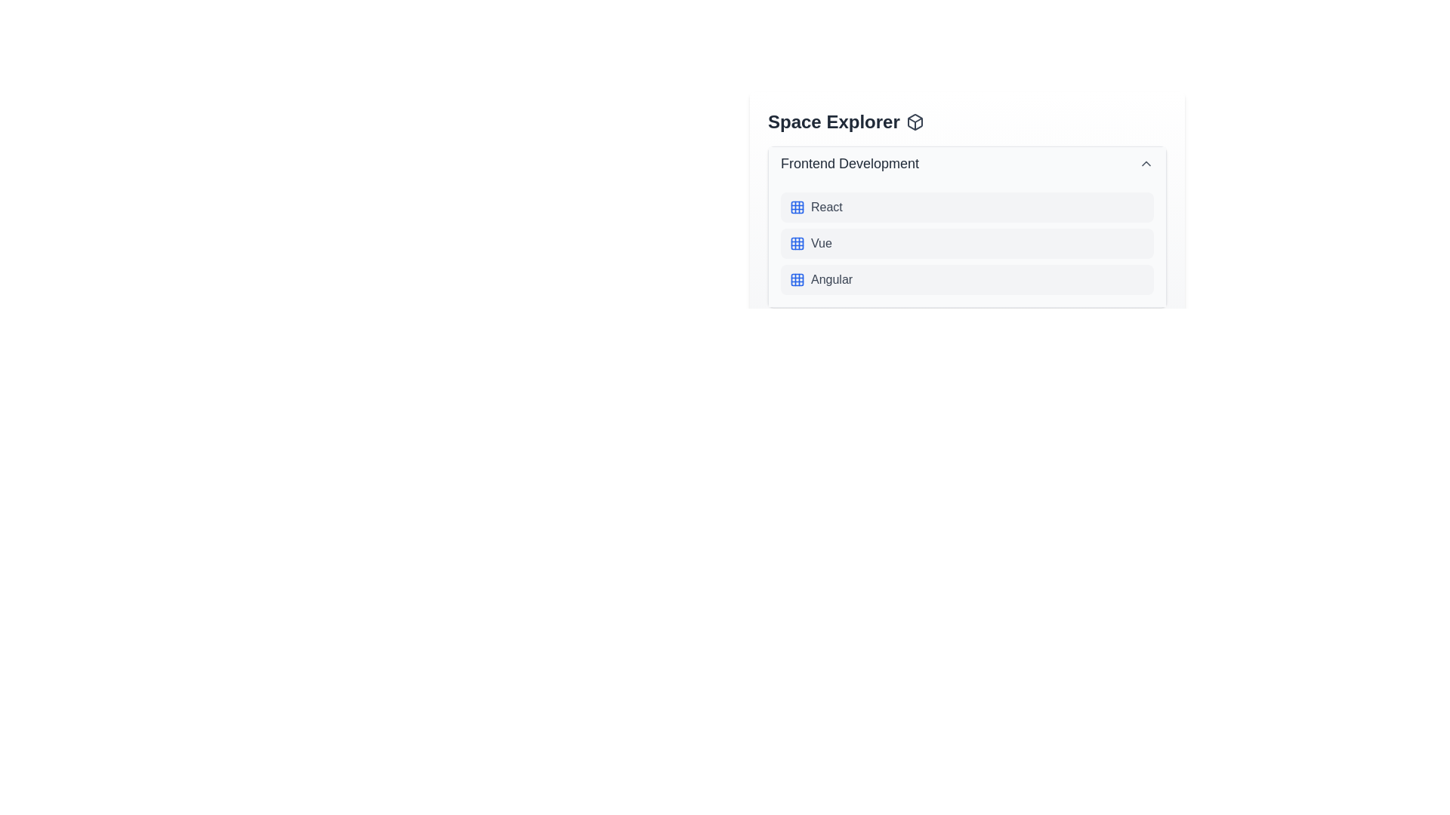  What do you see at coordinates (820, 243) in the screenshot?
I see `the 'Vue' text label, which is the second item` at bounding box center [820, 243].